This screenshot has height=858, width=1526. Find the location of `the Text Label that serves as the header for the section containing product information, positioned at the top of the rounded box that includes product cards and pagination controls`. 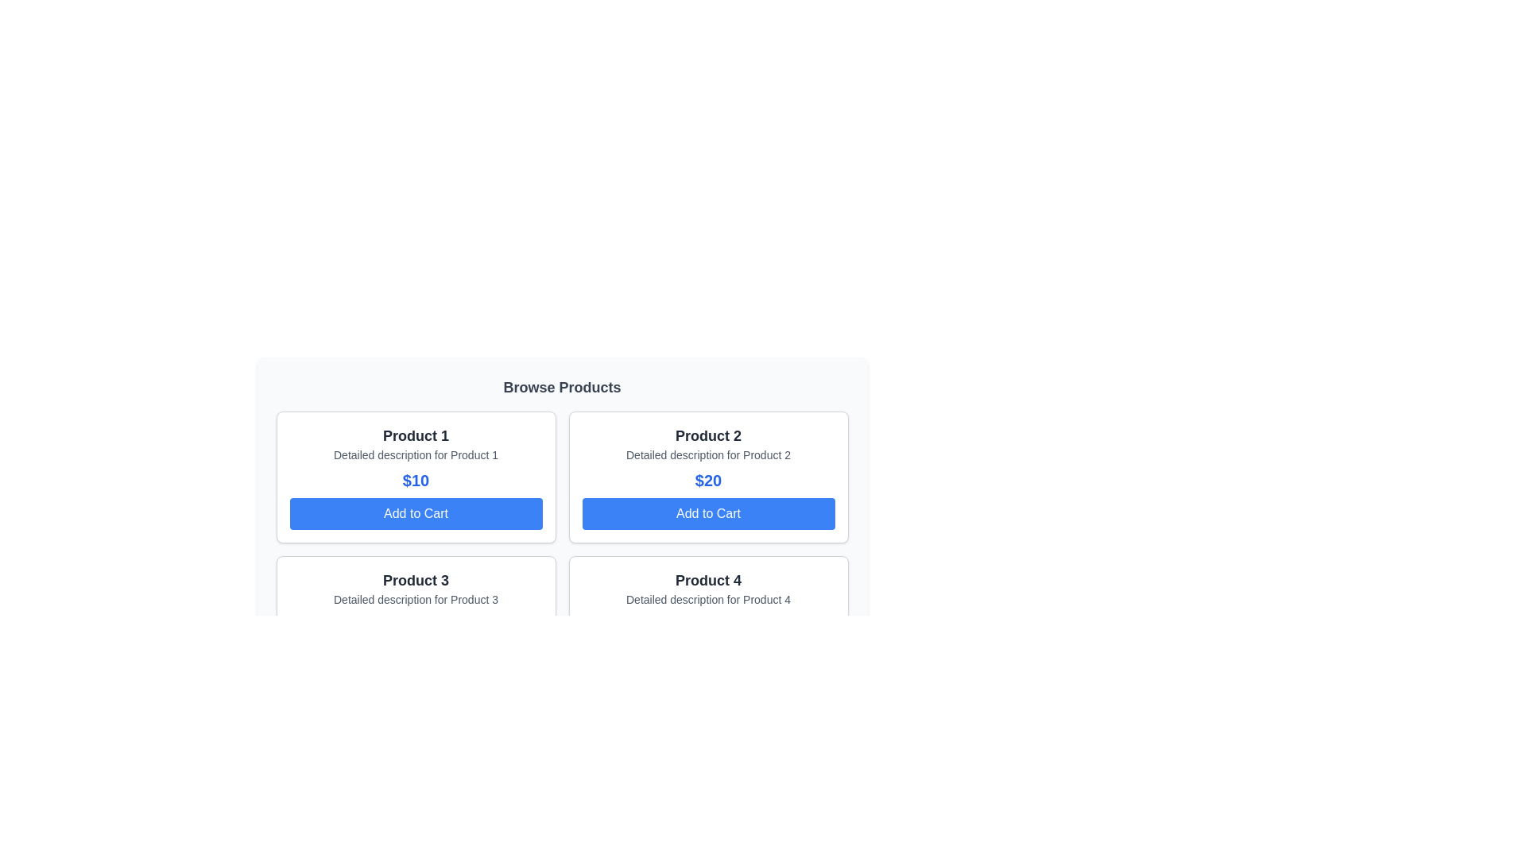

the Text Label that serves as the header for the section containing product information, positioned at the top of the rounded box that includes product cards and pagination controls is located at coordinates (562, 388).